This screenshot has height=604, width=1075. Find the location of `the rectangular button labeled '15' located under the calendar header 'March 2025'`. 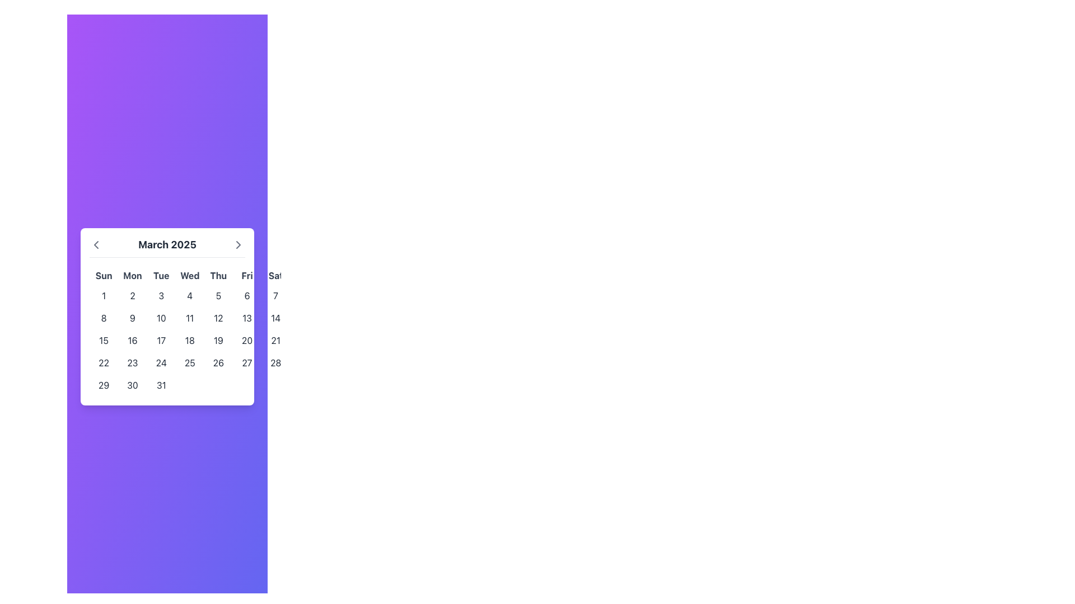

the rectangular button labeled '15' located under the calendar header 'March 2025' is located at coordinates (104, 339).